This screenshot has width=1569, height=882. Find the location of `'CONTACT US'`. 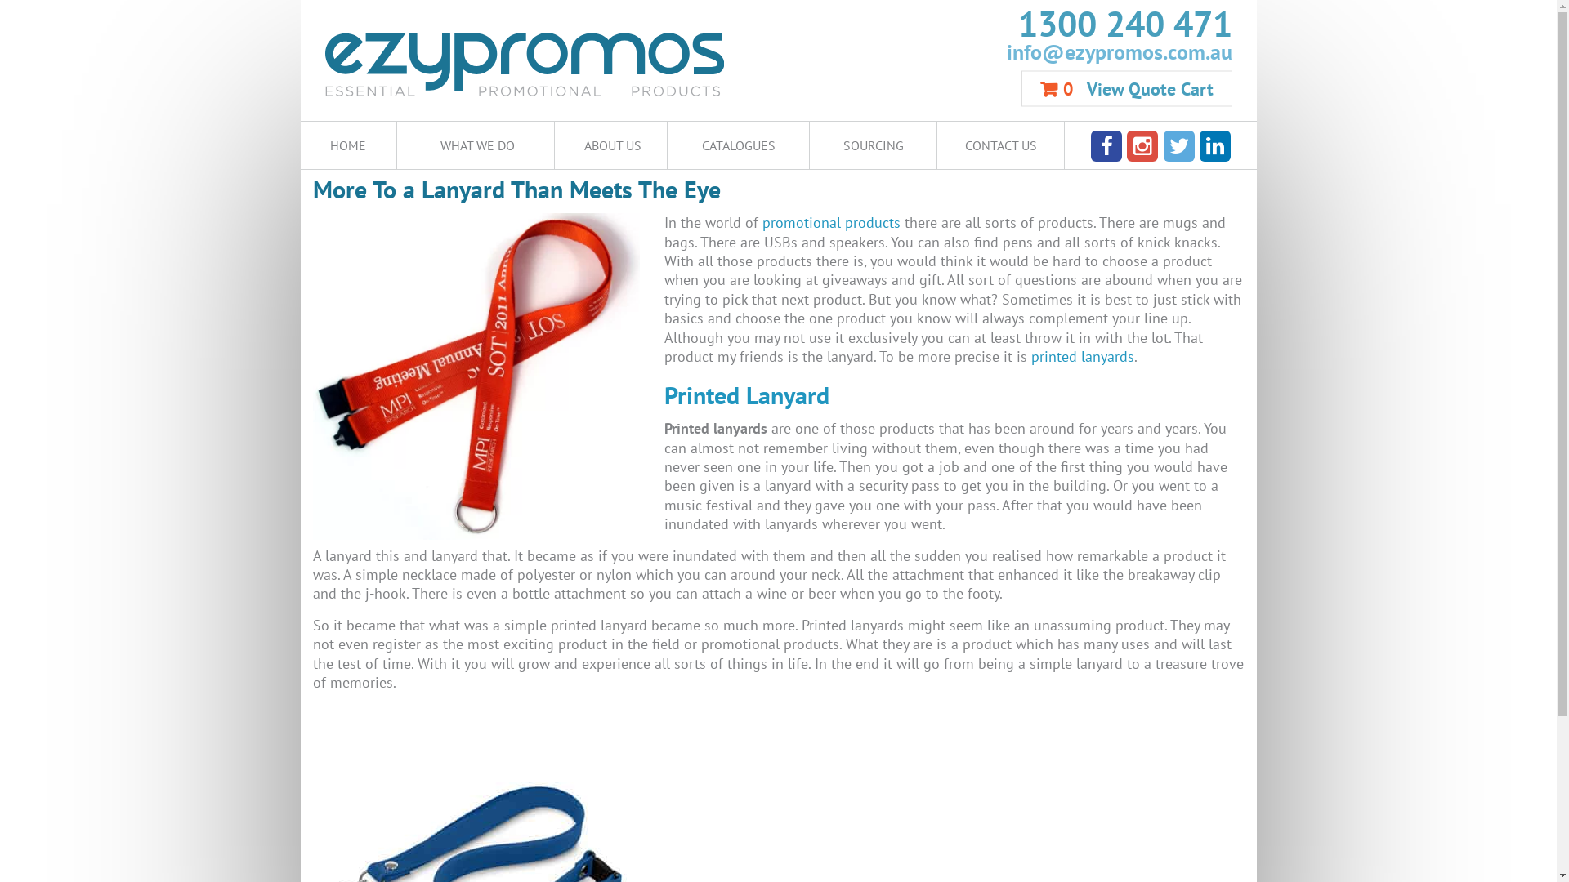

'CONTACT US' is located at coordinates (999, 144).